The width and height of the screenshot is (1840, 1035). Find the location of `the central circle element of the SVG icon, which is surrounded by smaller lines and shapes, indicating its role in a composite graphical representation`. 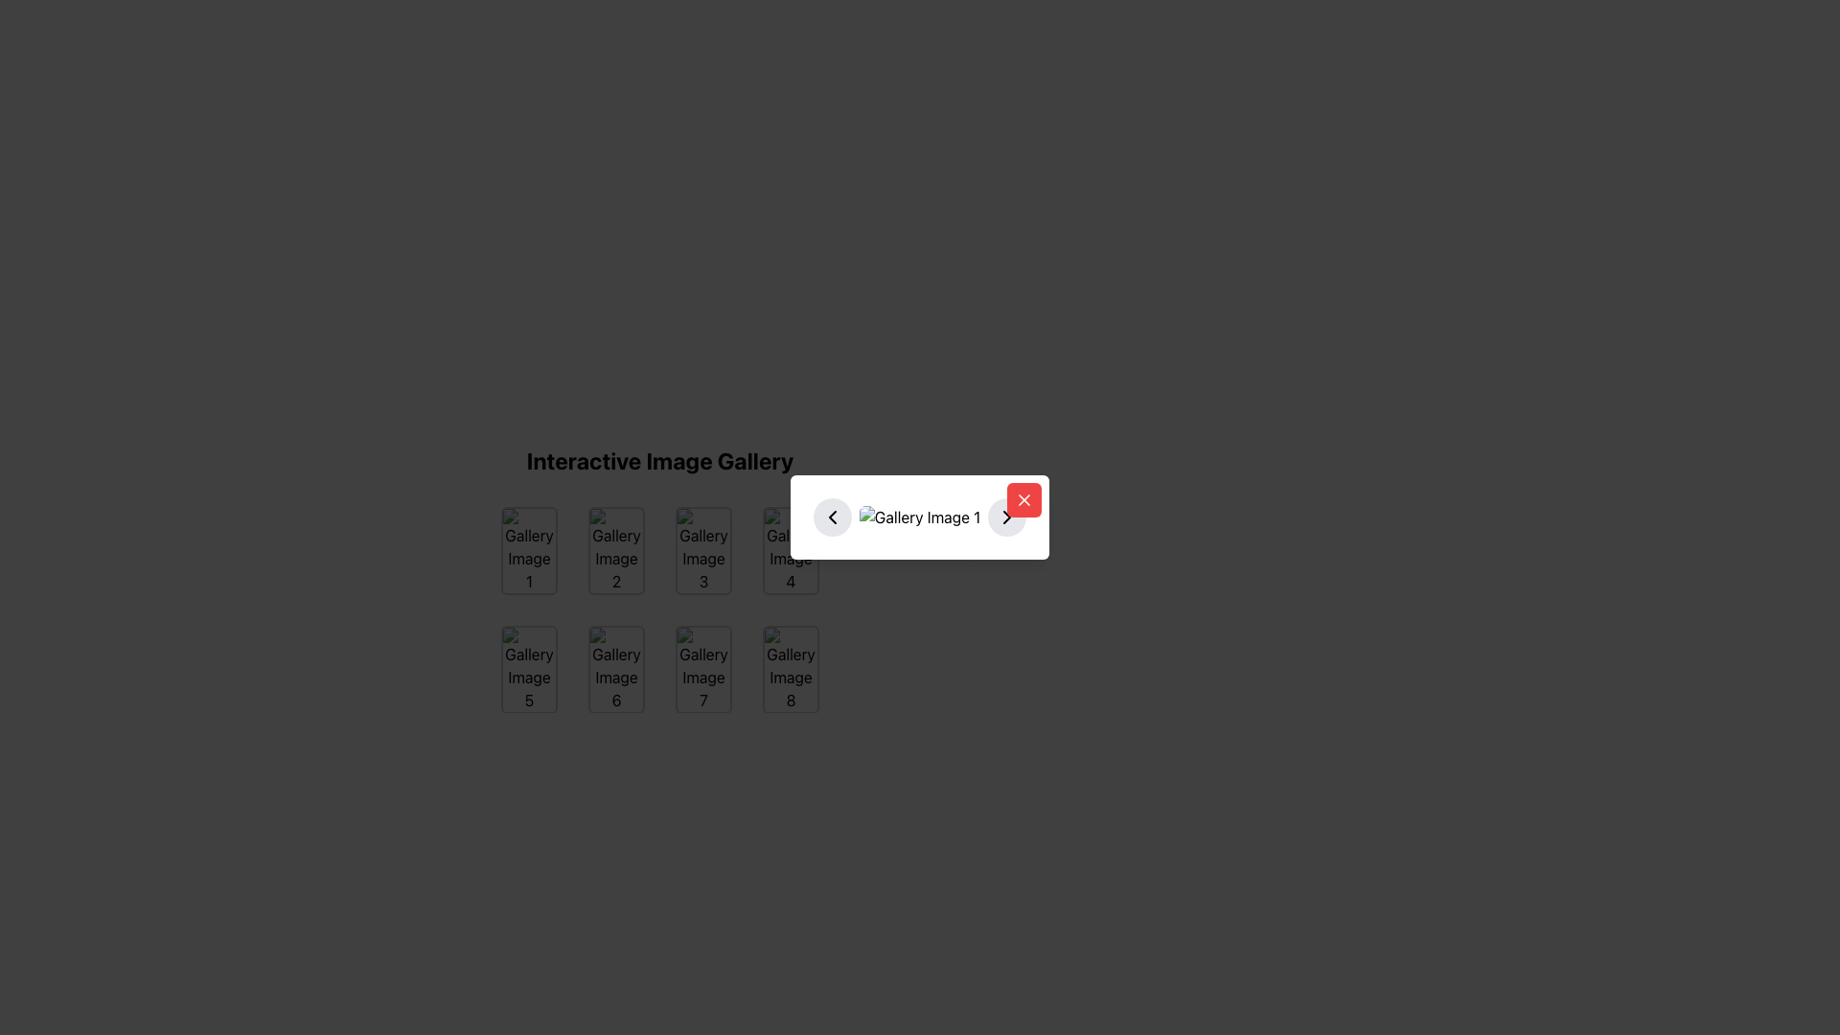

the central circle element of the SVG icon, which is surrounded by smaller lines and shapes, indicating its role in a composite graphical representation is located at coordinates (615, 667).